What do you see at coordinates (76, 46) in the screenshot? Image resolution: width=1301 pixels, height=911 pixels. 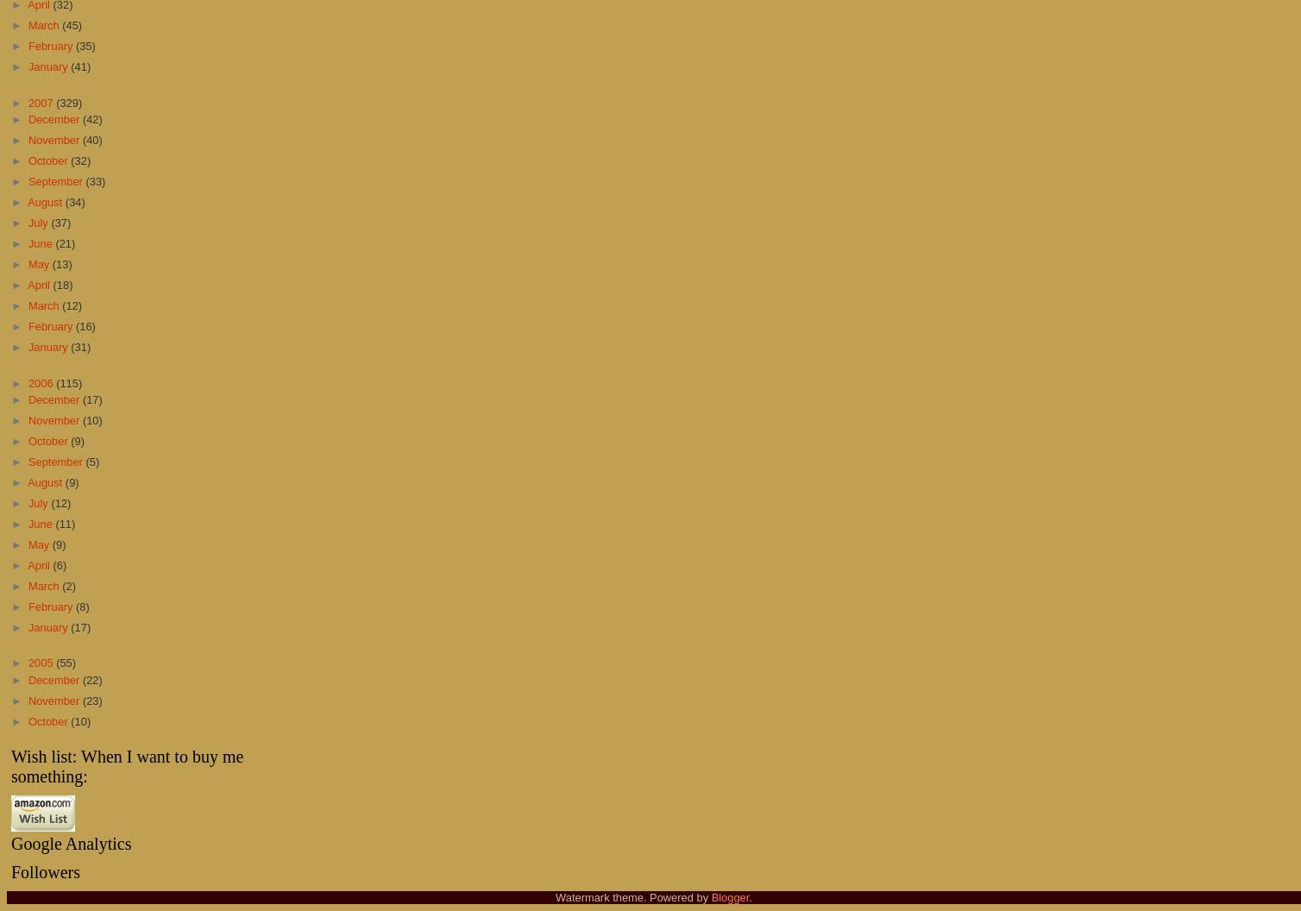 I see `'(35)'` at bounding box center [76, 46].